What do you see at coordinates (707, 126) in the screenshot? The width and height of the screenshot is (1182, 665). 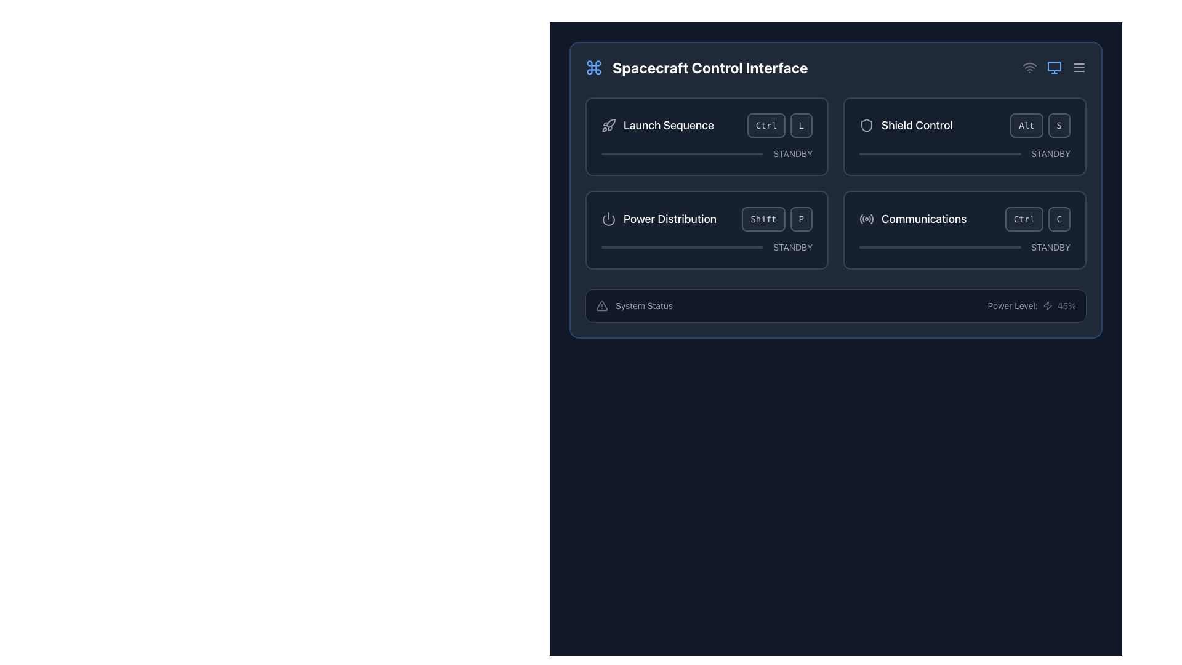 I see `the Interactive visual label for 'Launch Sequence' located in the top left of the grid layout` at bounding box center [707, 126].